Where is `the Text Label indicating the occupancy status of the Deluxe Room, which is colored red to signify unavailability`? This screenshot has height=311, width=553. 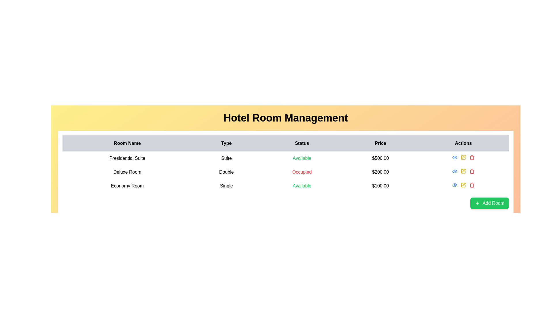
the Text Label indicating the occupancy status of the Deluxe Room, which is colored red to signify unavailability is located at coordinates (302, 172).